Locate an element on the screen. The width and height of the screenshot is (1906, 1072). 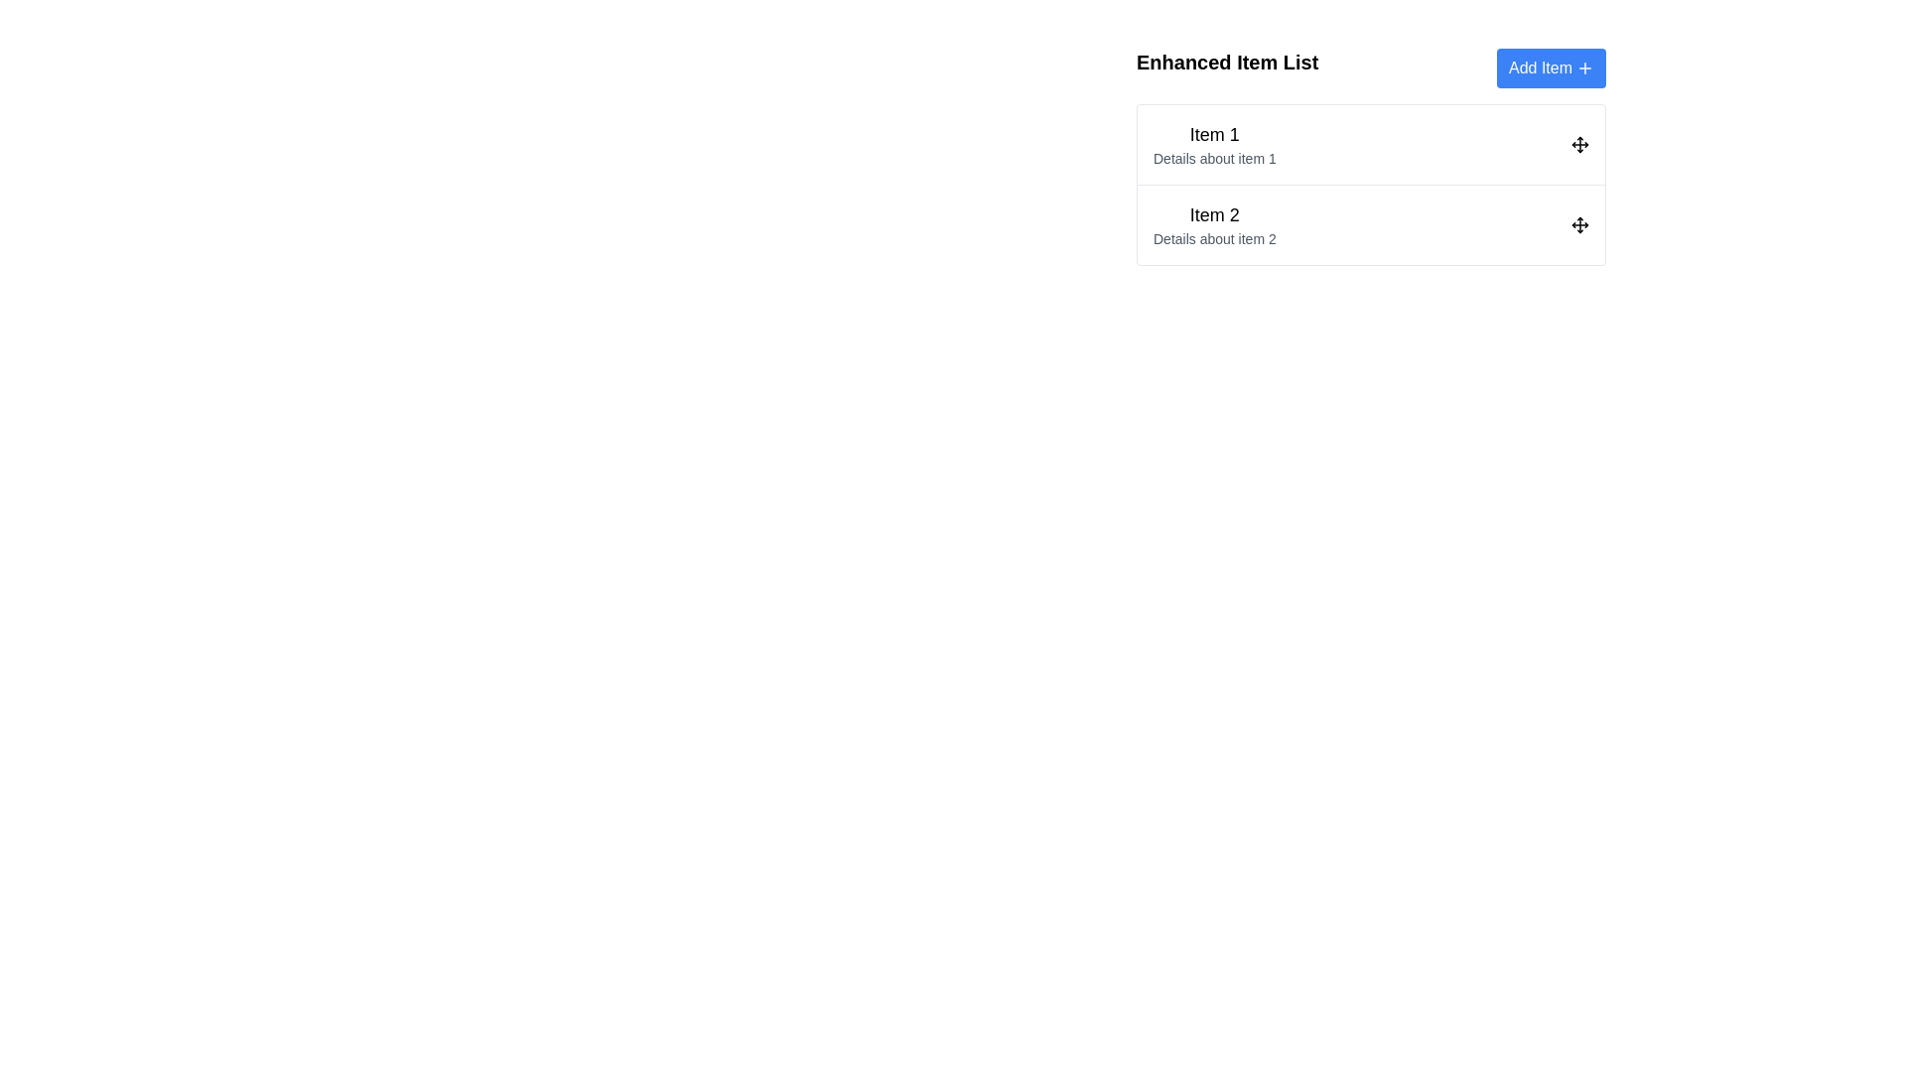
the Draggable Icon, which symbolizes cross-arrows and is located near the right edge of the list item titled 'Item 2' is located at coordinates (1579, 224).